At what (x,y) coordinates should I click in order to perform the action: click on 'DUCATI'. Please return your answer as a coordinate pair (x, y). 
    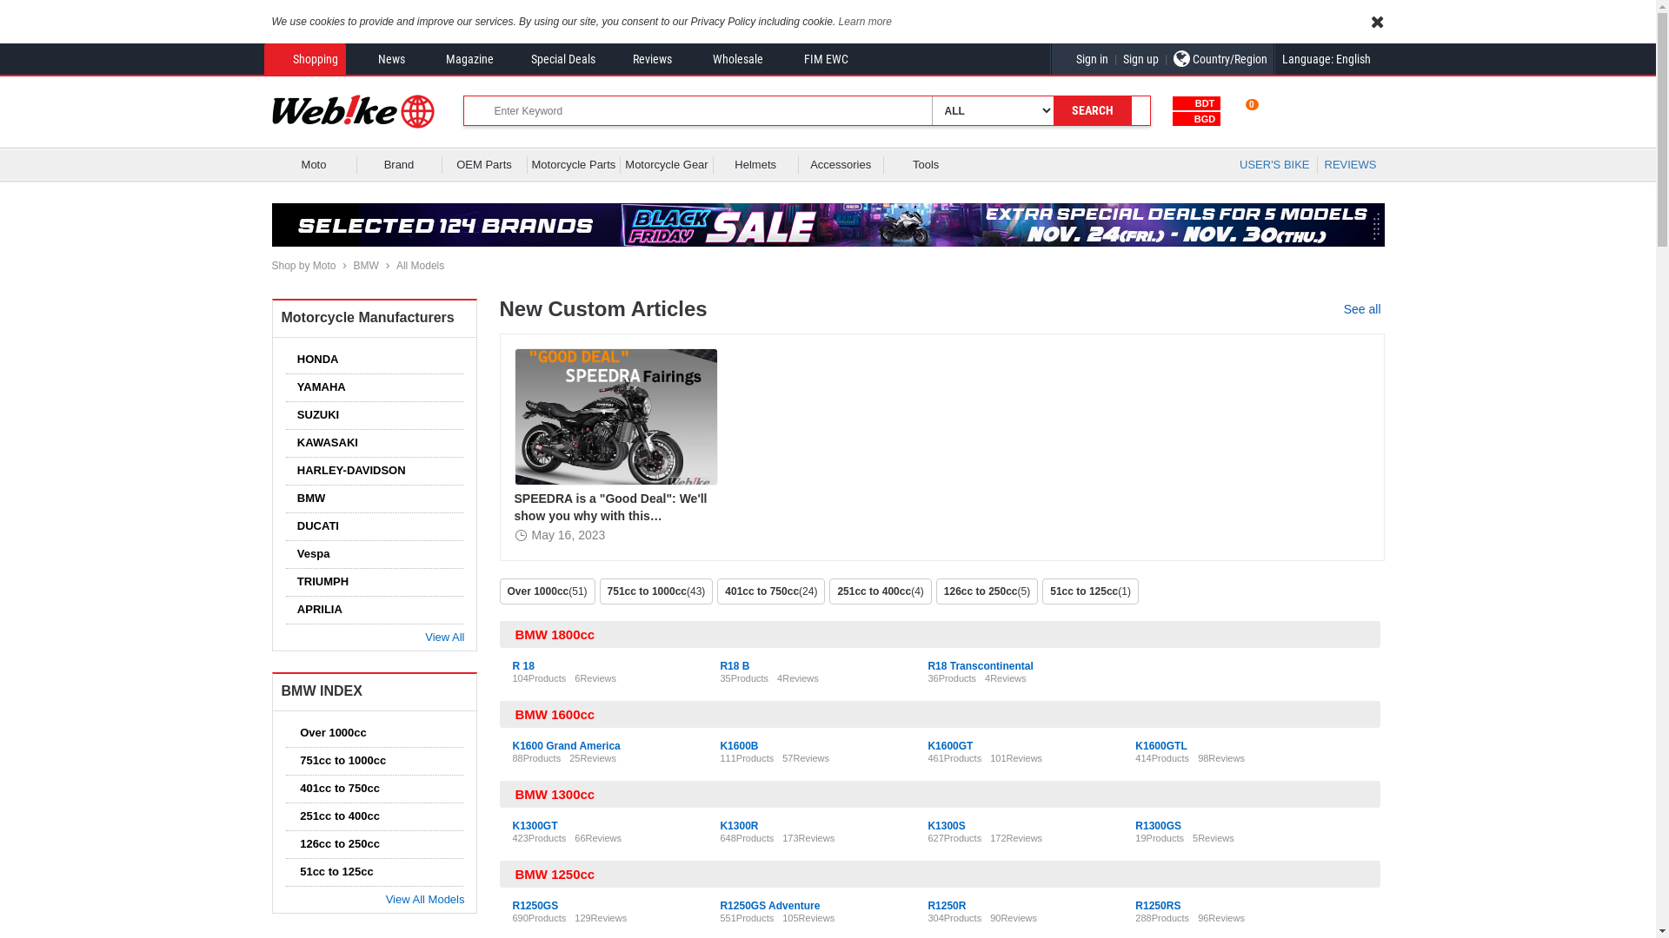
    Looking at the image, I should click on (313, 525).